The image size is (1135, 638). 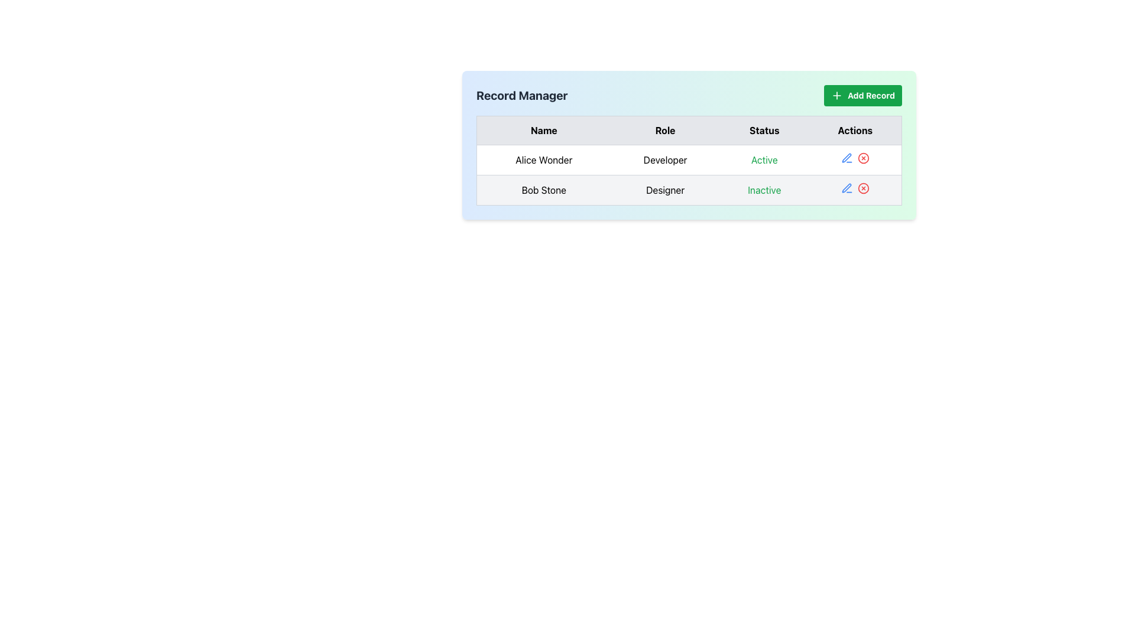 I want to click on the first row of the data table which displays a person's details including name, role, status, and actions, so click(x=689, y=175).